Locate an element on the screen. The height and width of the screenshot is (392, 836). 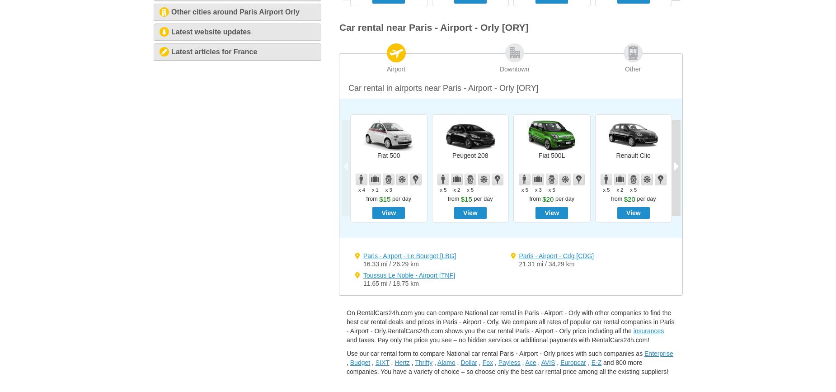
'Budget' is located at coordinates (360, 362).